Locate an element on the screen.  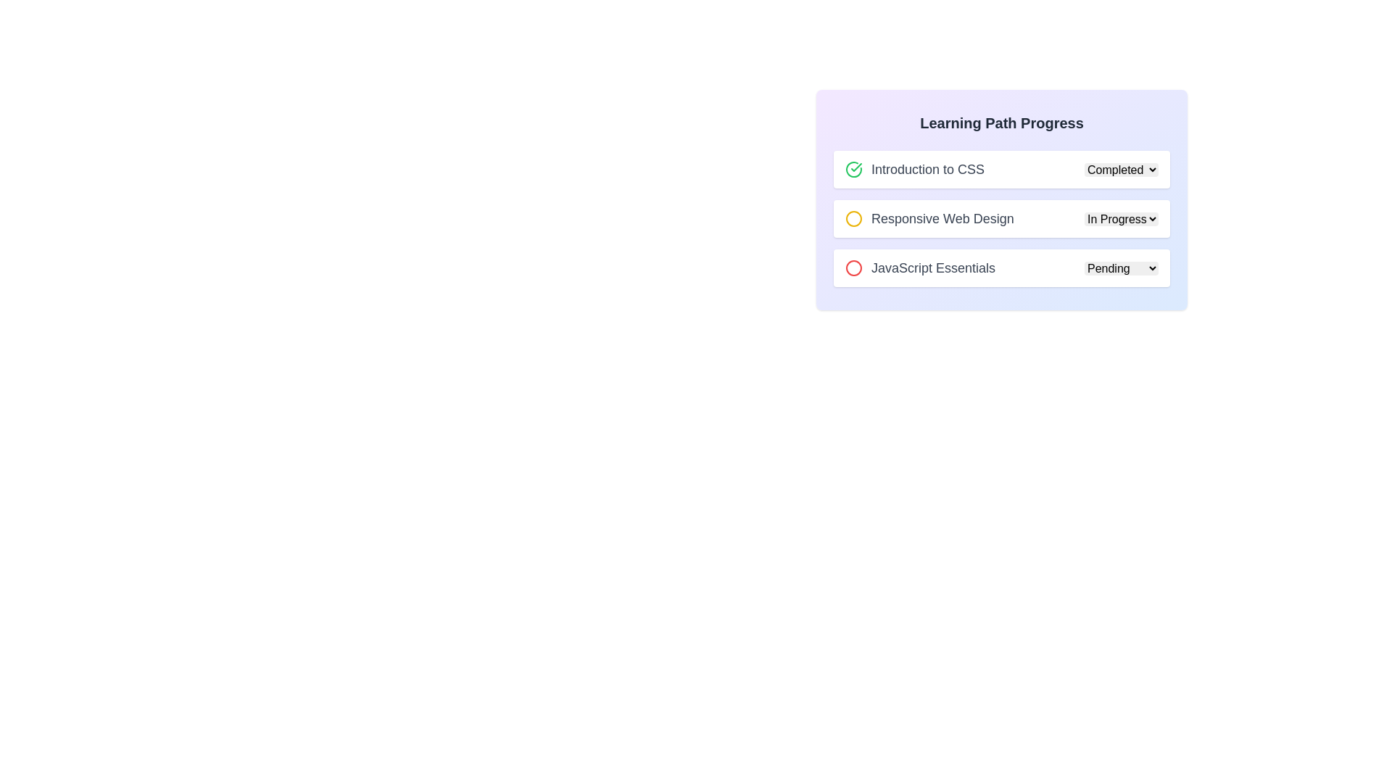
the dropdown menu located to the right of the 'Introduction to CSS' text is located at coordinates (1120, 169).